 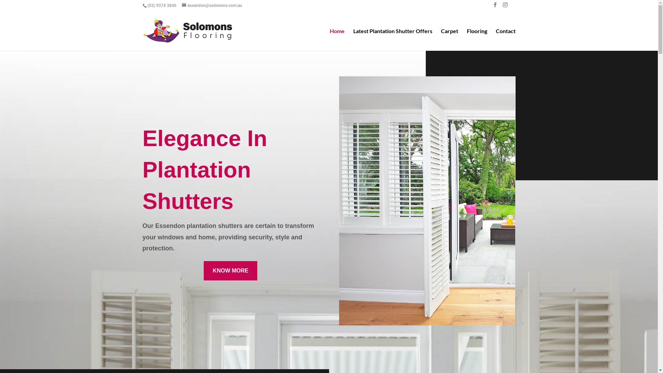 What do you see at coordinates (477, 39) in the screenshot?
I see `'Flooring'` at bounding box center [477, 39].